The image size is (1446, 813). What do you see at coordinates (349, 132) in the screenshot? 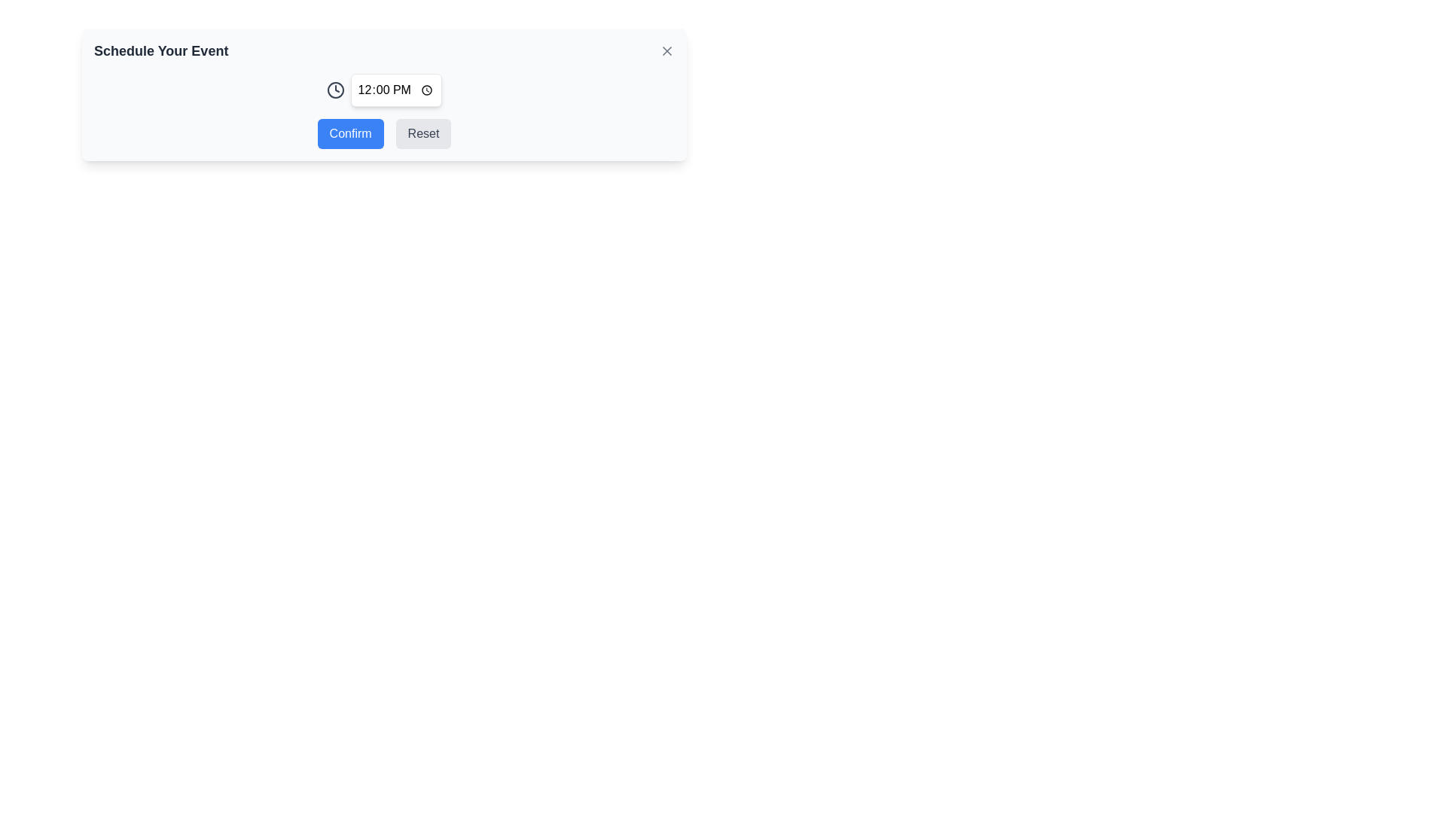
I see `the 'Confirm' button, a rectangular blue button with rounded corners displaying the text 'Confirm' in white, and press it using keyboard navigation` at bounding box center [349, 132].